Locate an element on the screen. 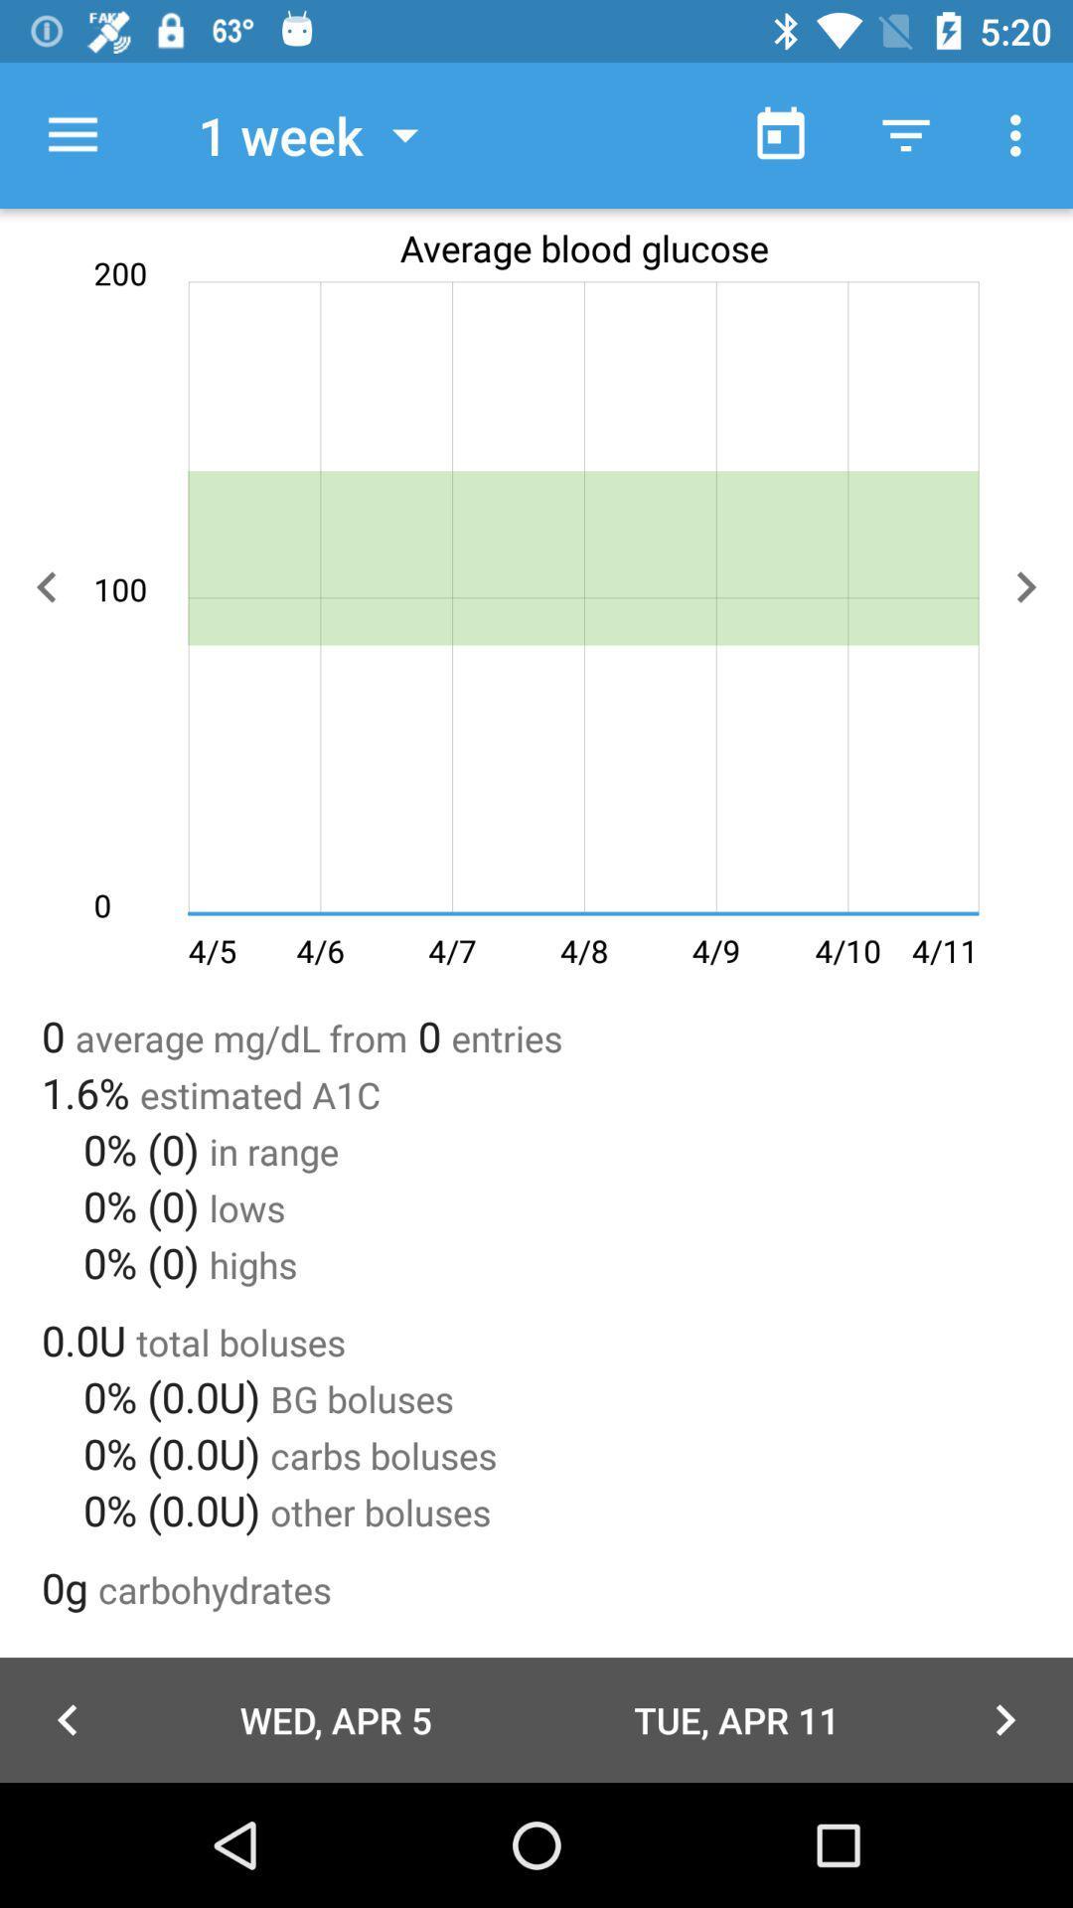 The image size is (1073, 1908). icon to the right of 1 week icon is located at coordinates (780, 134).